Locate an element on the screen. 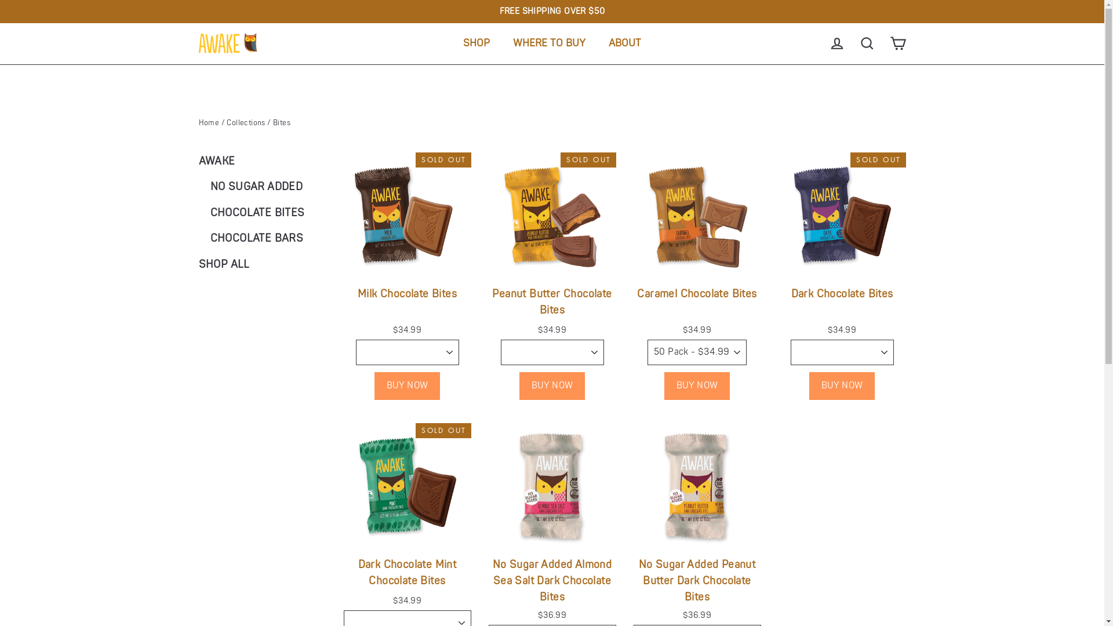 The height and width of the screenshot is (626, 1113). 'SEARCH' is located at coordinates (867, 42).